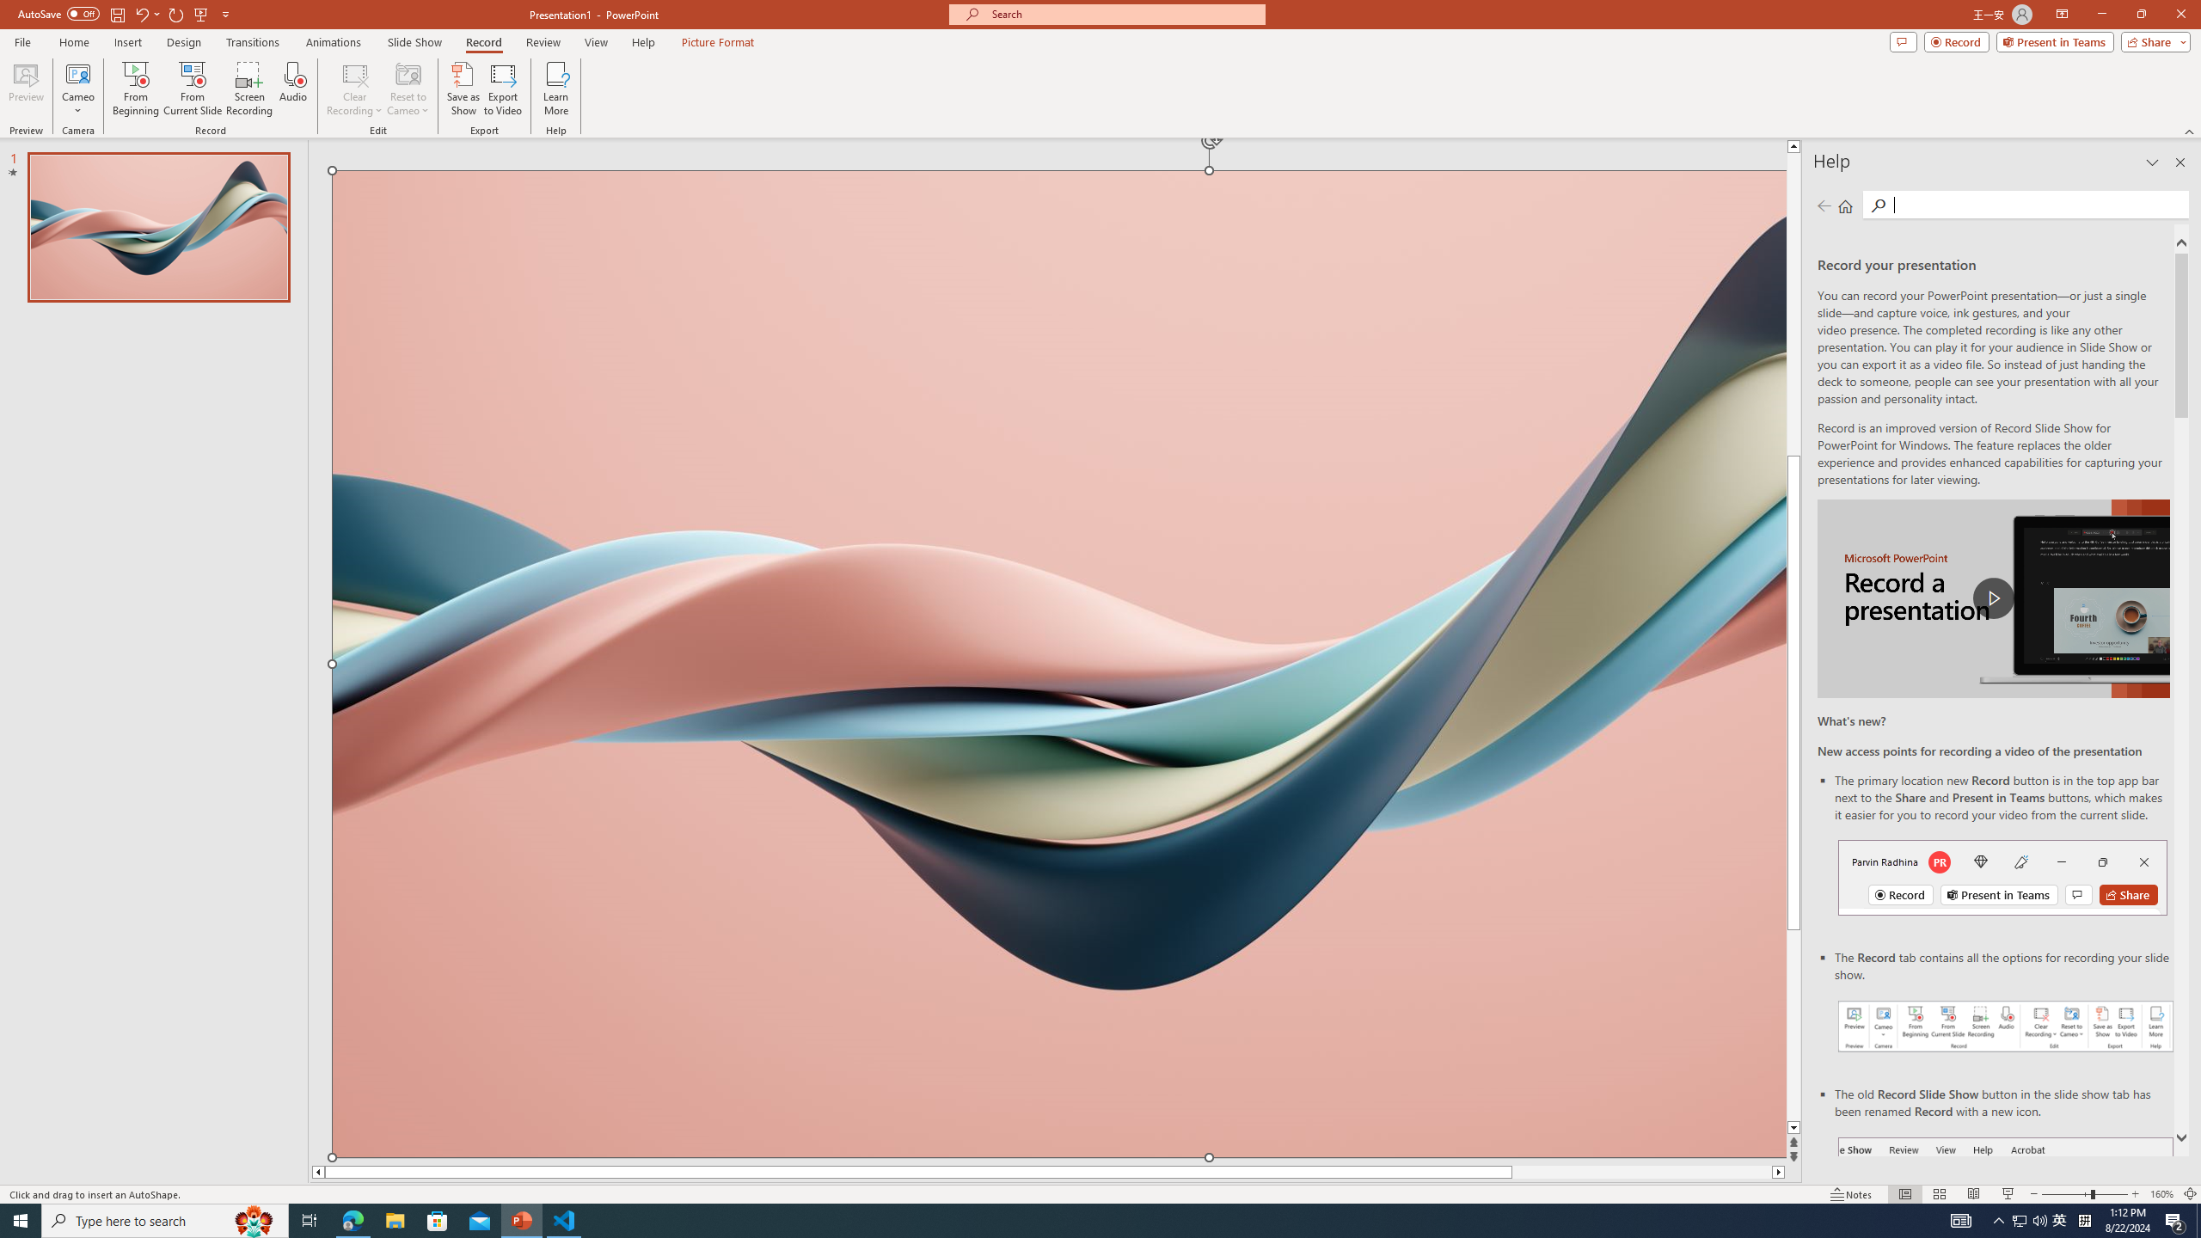 The image size is (2201, 1238). I want to click on 'File Tab', so click(21, 40).